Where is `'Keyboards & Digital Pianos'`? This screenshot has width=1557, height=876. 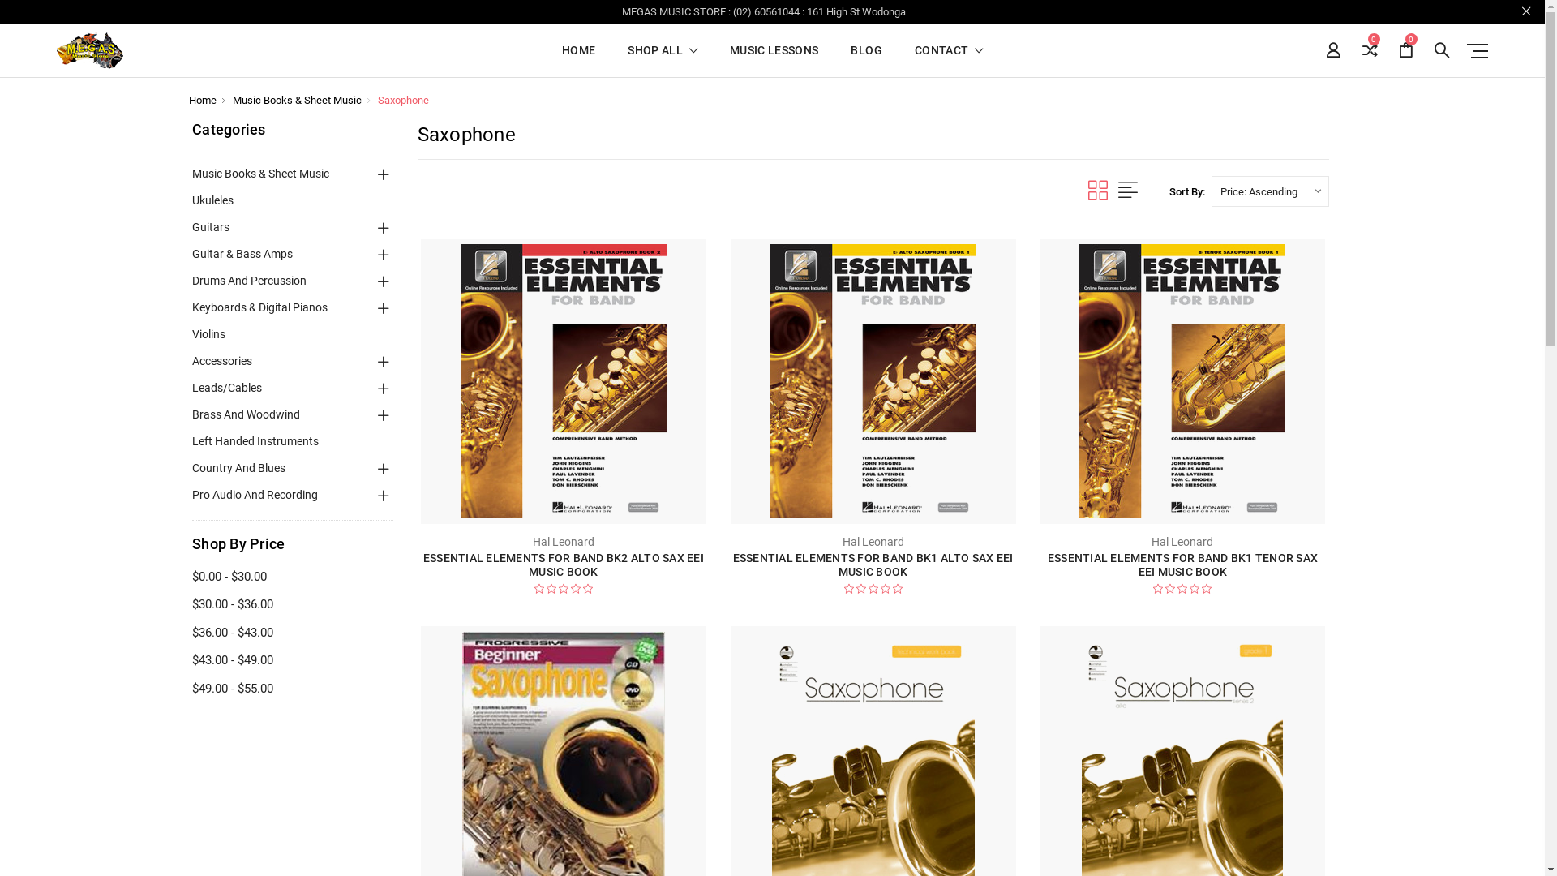 'Keyboards & Digital Pianos' is located at coordinates (259, 307).